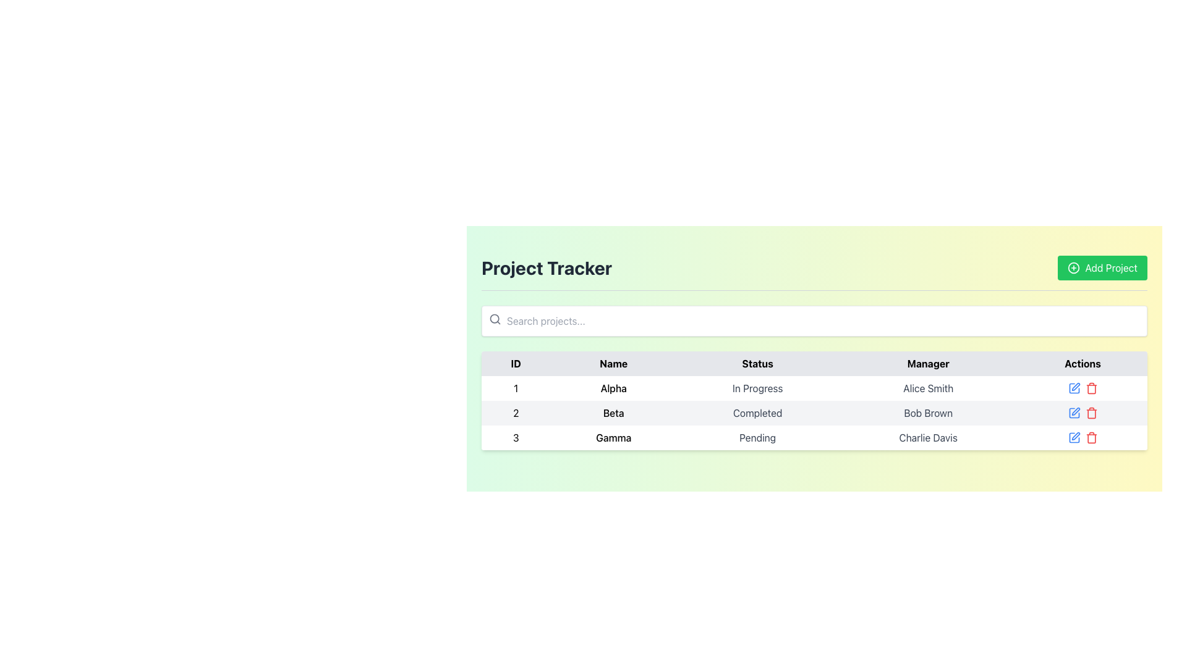  Describe the element at coordinates (928, 437) in the screenshot. I see `text content of the element displaying 'Charlie Davis' in the 'Manager' column of the third row for the 'Gamma' project` at that location.